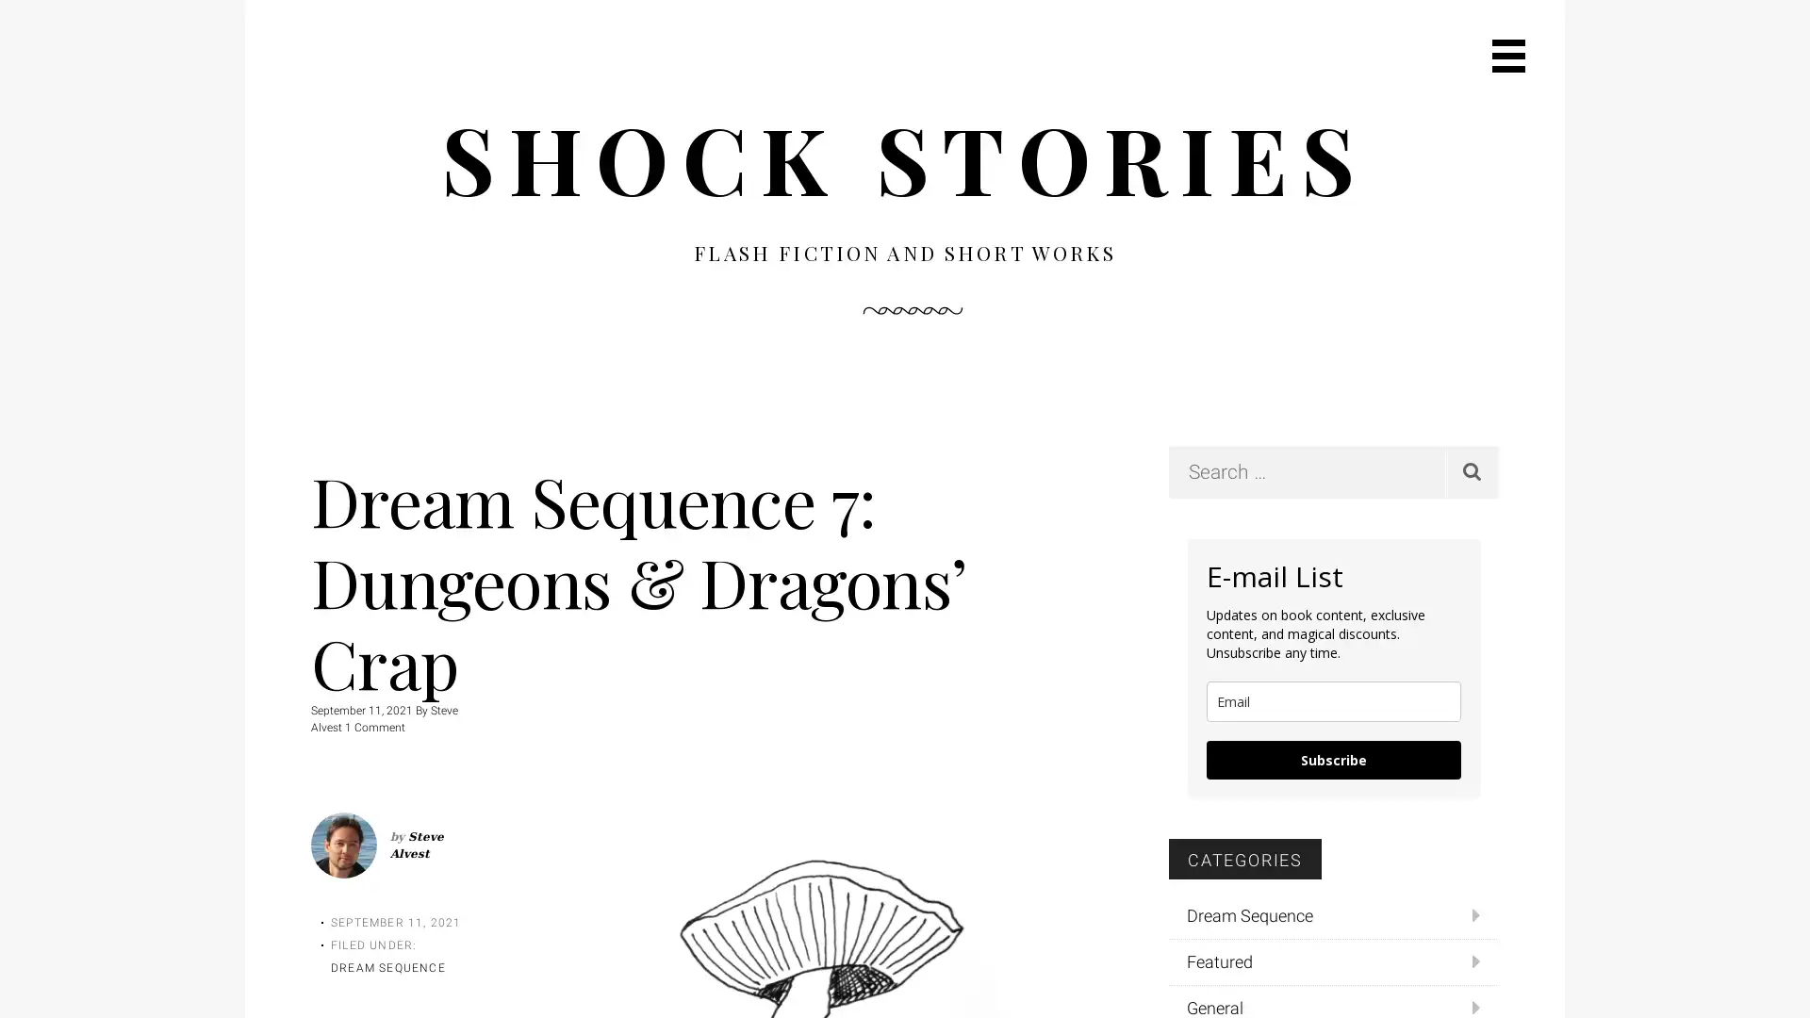 The width and height of the screenshot is (1810, 1018). I want to click on Primary Navigation Menu, so click(1508, 55).